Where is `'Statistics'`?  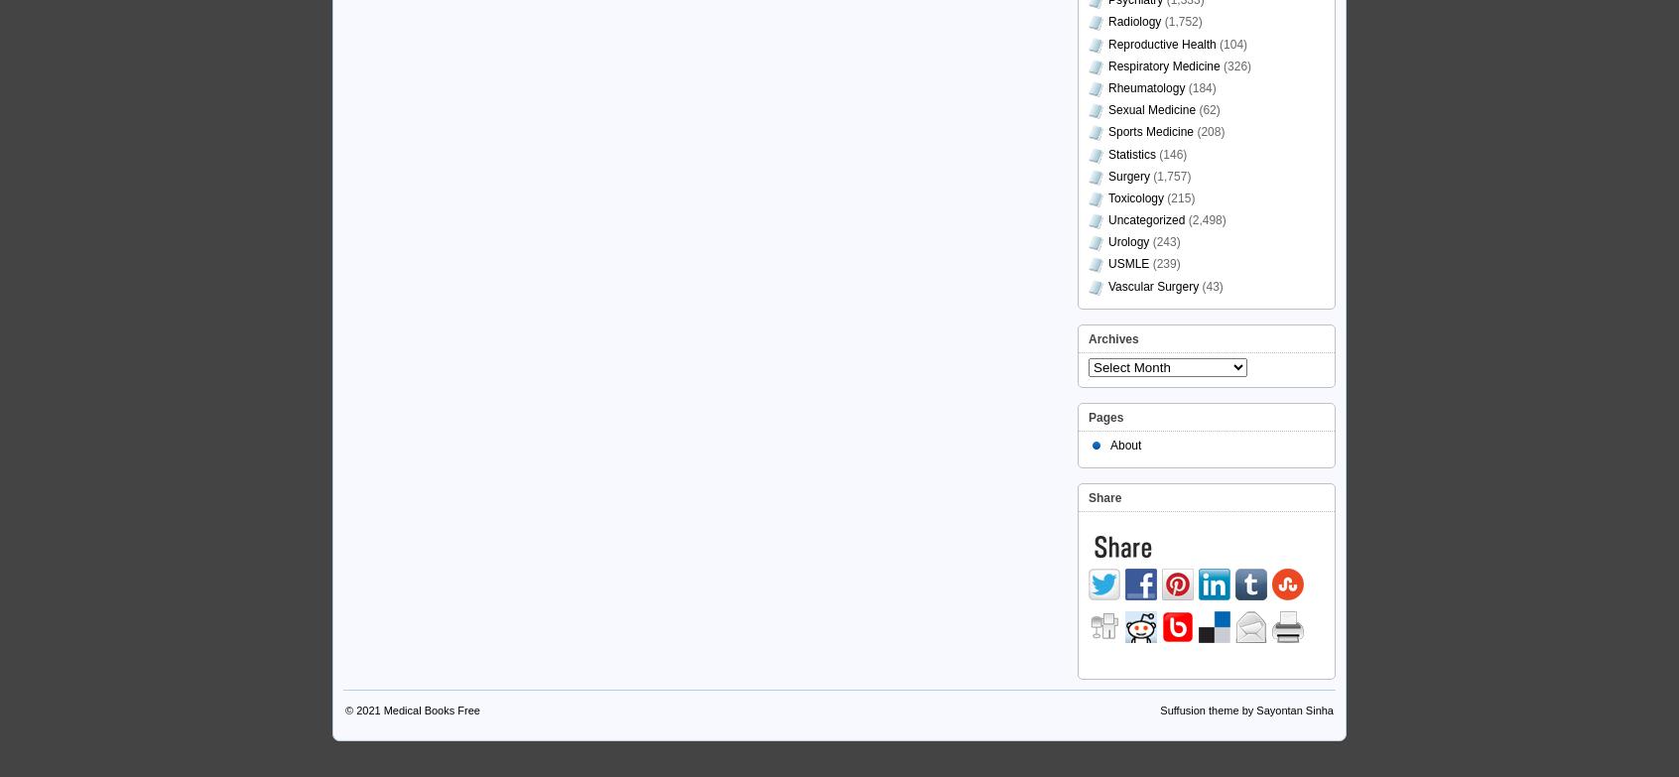
'Statistics' is located at coordinates (1130, 154).